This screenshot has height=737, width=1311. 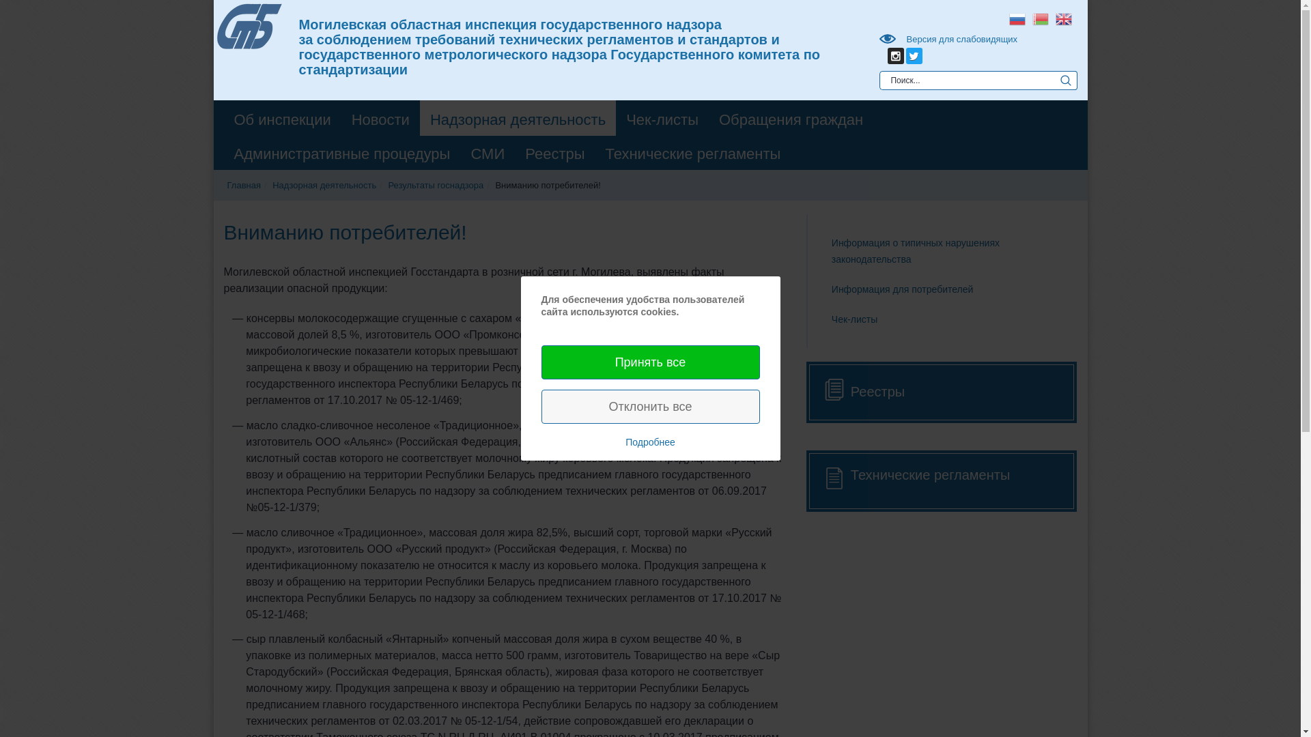 What do you see at coordinates (1016, 18) in the screenshot?
I see `'Russian'` at bounding box center [1016, 18].